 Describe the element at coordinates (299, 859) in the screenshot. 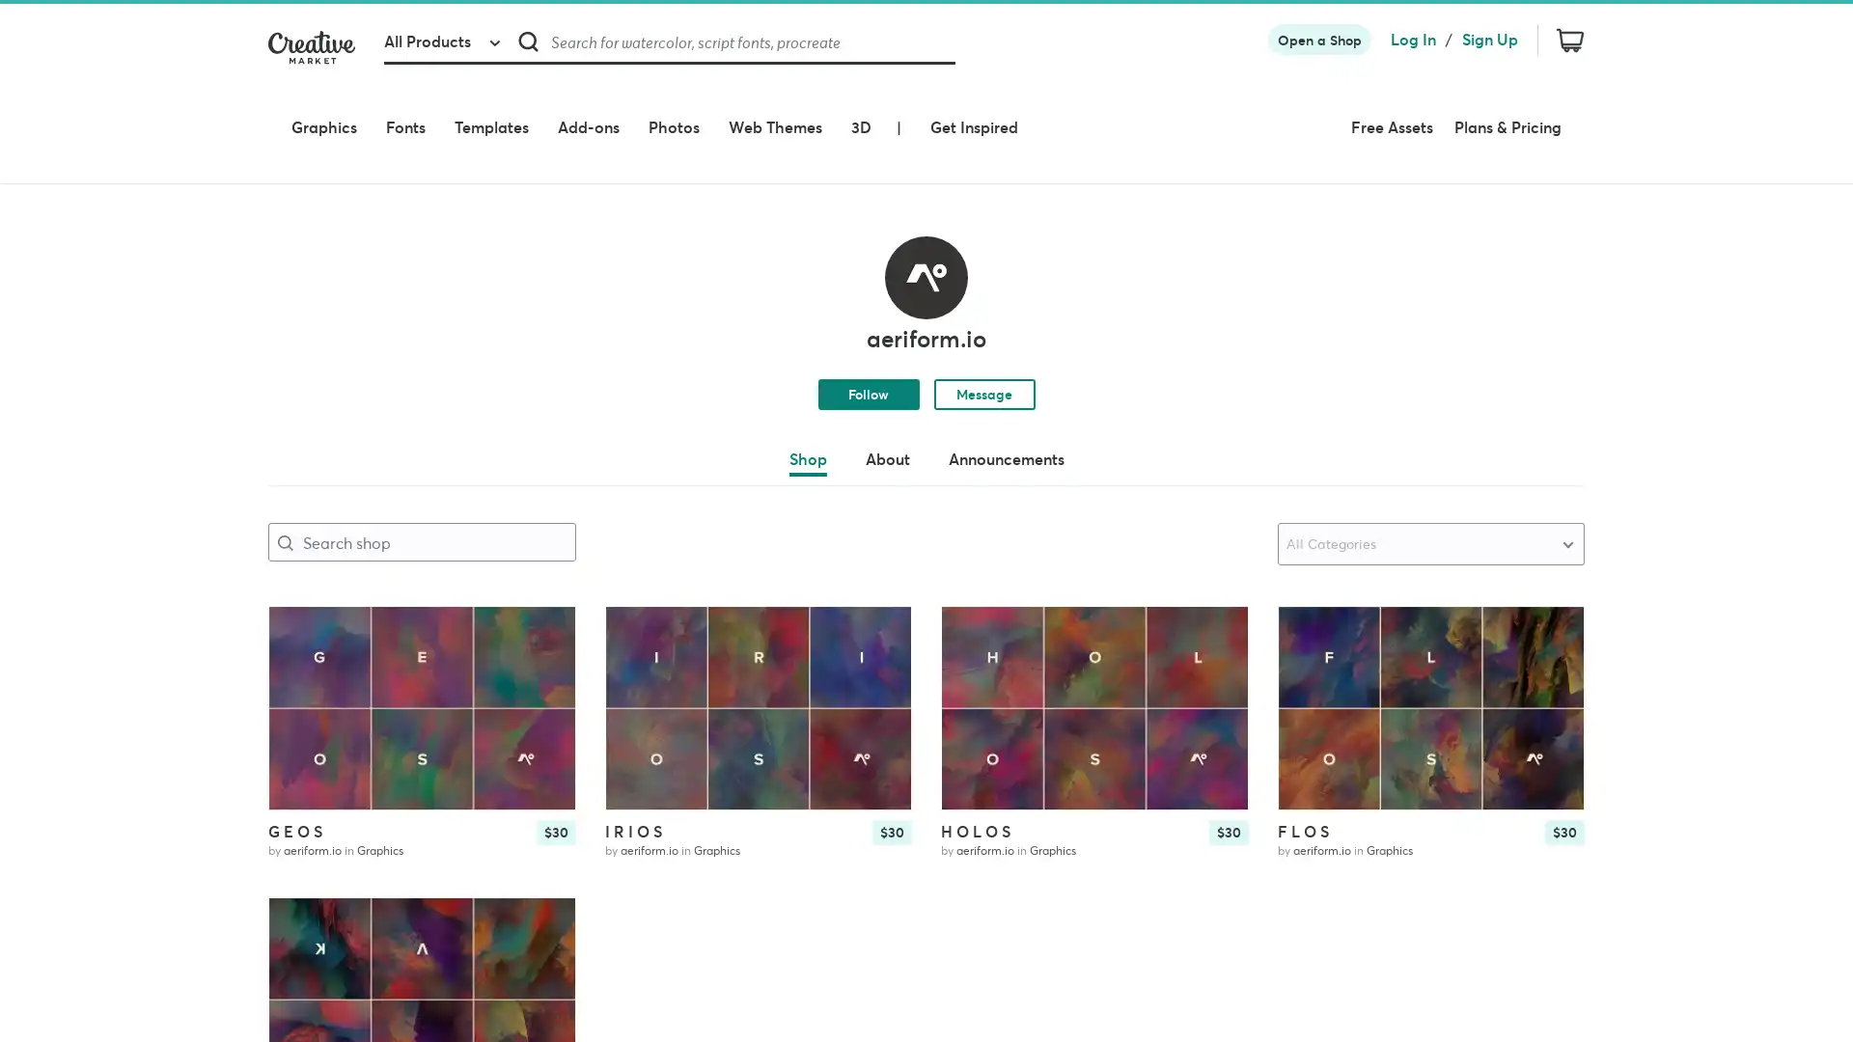

I see `Pin to Pinterest` at that location.